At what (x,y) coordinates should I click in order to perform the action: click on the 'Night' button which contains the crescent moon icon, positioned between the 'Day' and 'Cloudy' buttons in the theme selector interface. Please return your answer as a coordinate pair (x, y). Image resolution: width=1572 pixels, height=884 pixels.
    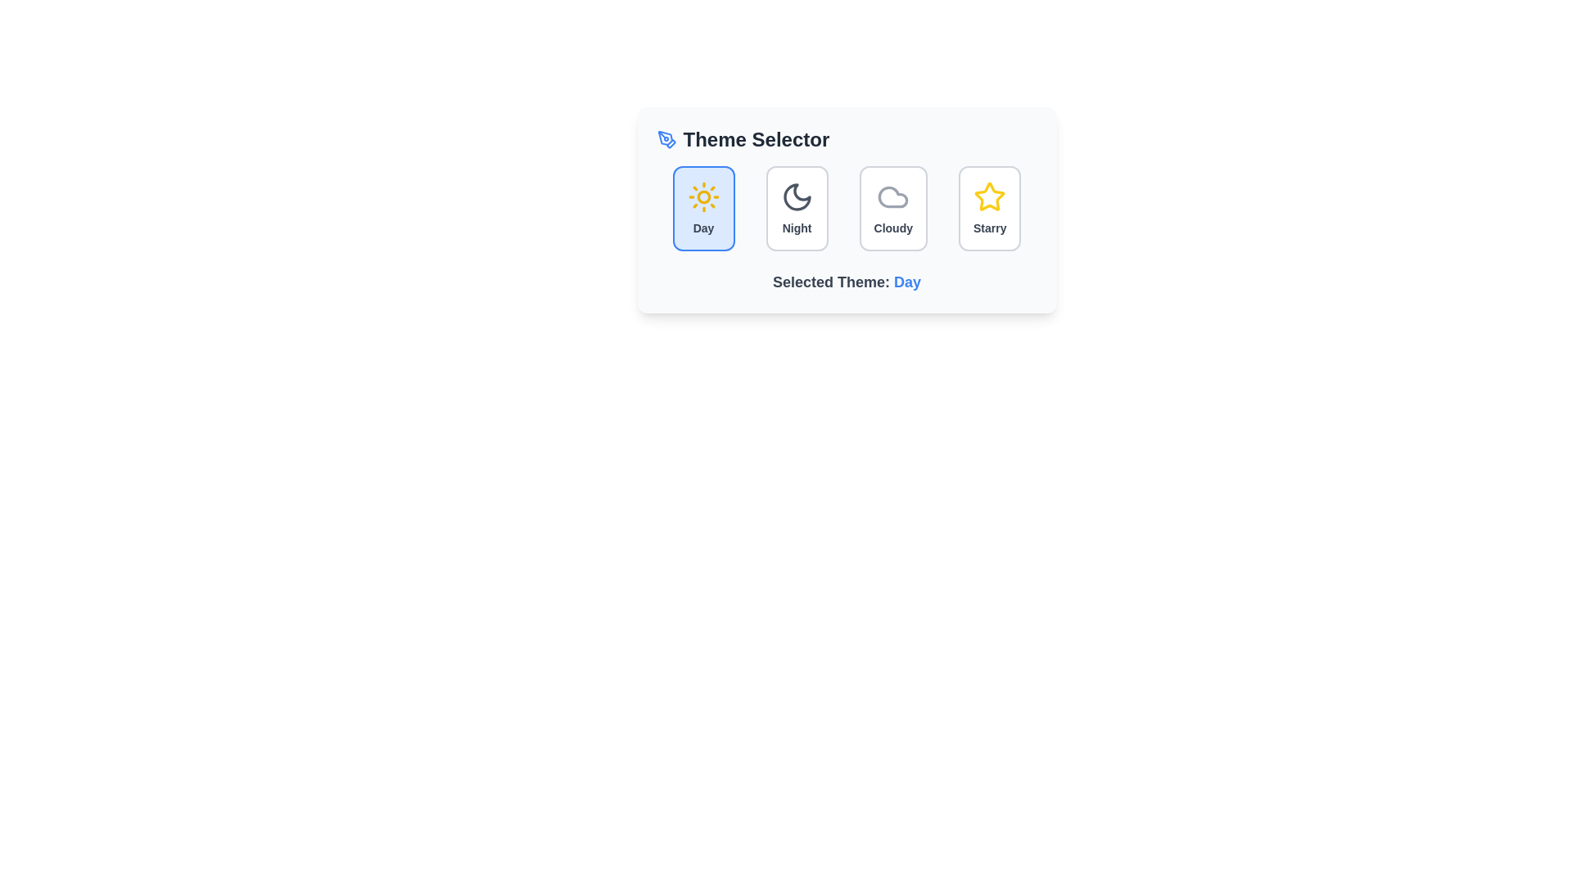
    Looking at the image, I should click on (797, 196).